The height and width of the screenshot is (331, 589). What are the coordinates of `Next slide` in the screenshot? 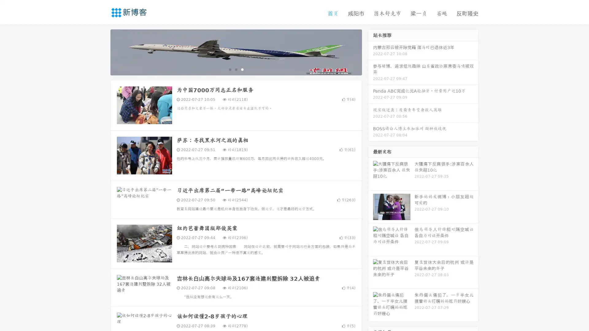 It's located at (371, 51).